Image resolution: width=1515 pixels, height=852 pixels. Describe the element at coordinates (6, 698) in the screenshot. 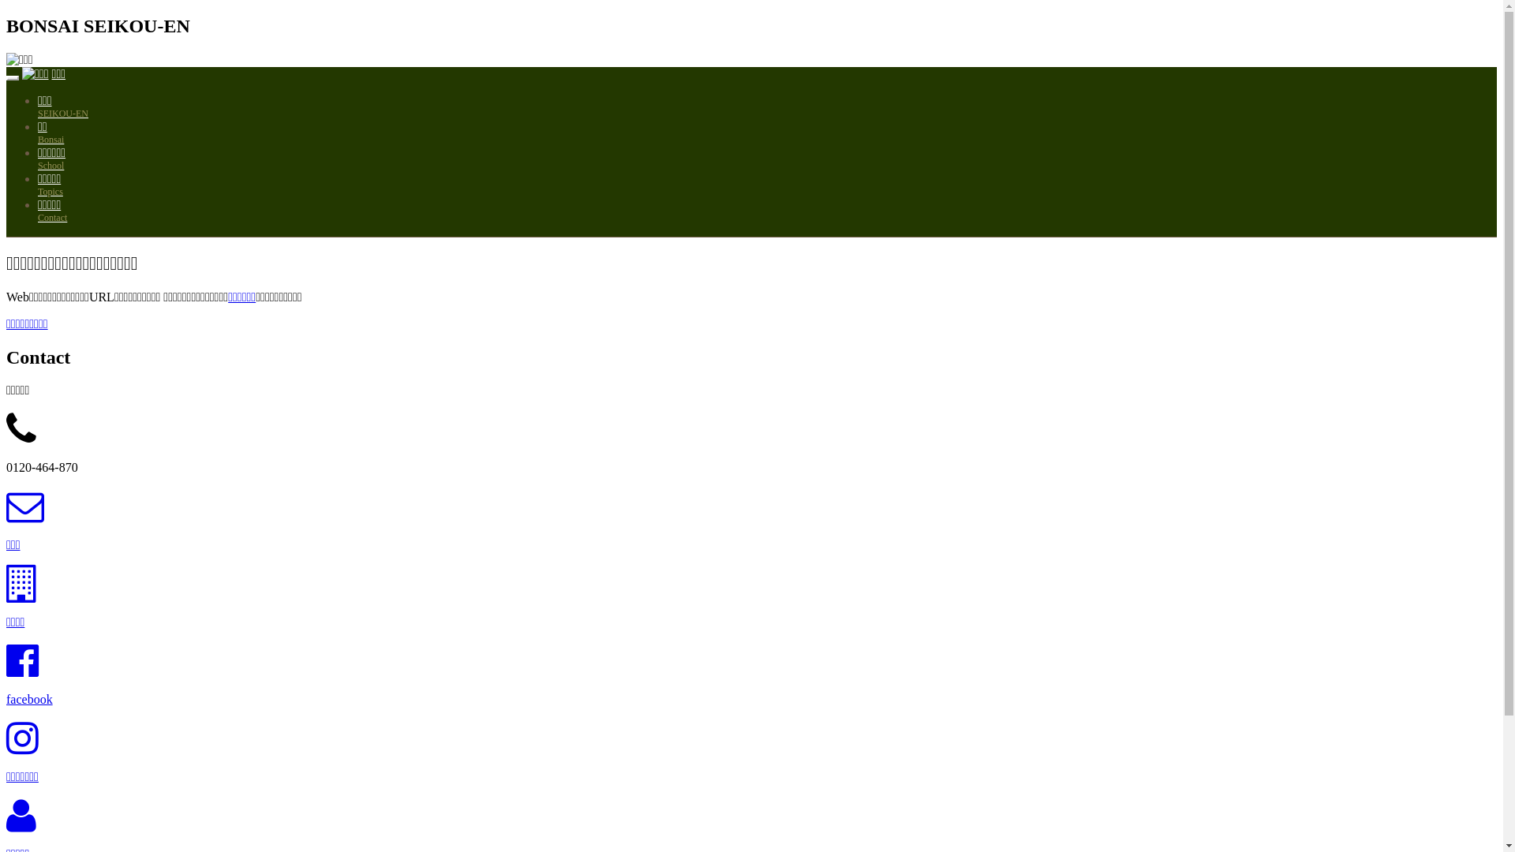

I see `'facebook'` at that location.